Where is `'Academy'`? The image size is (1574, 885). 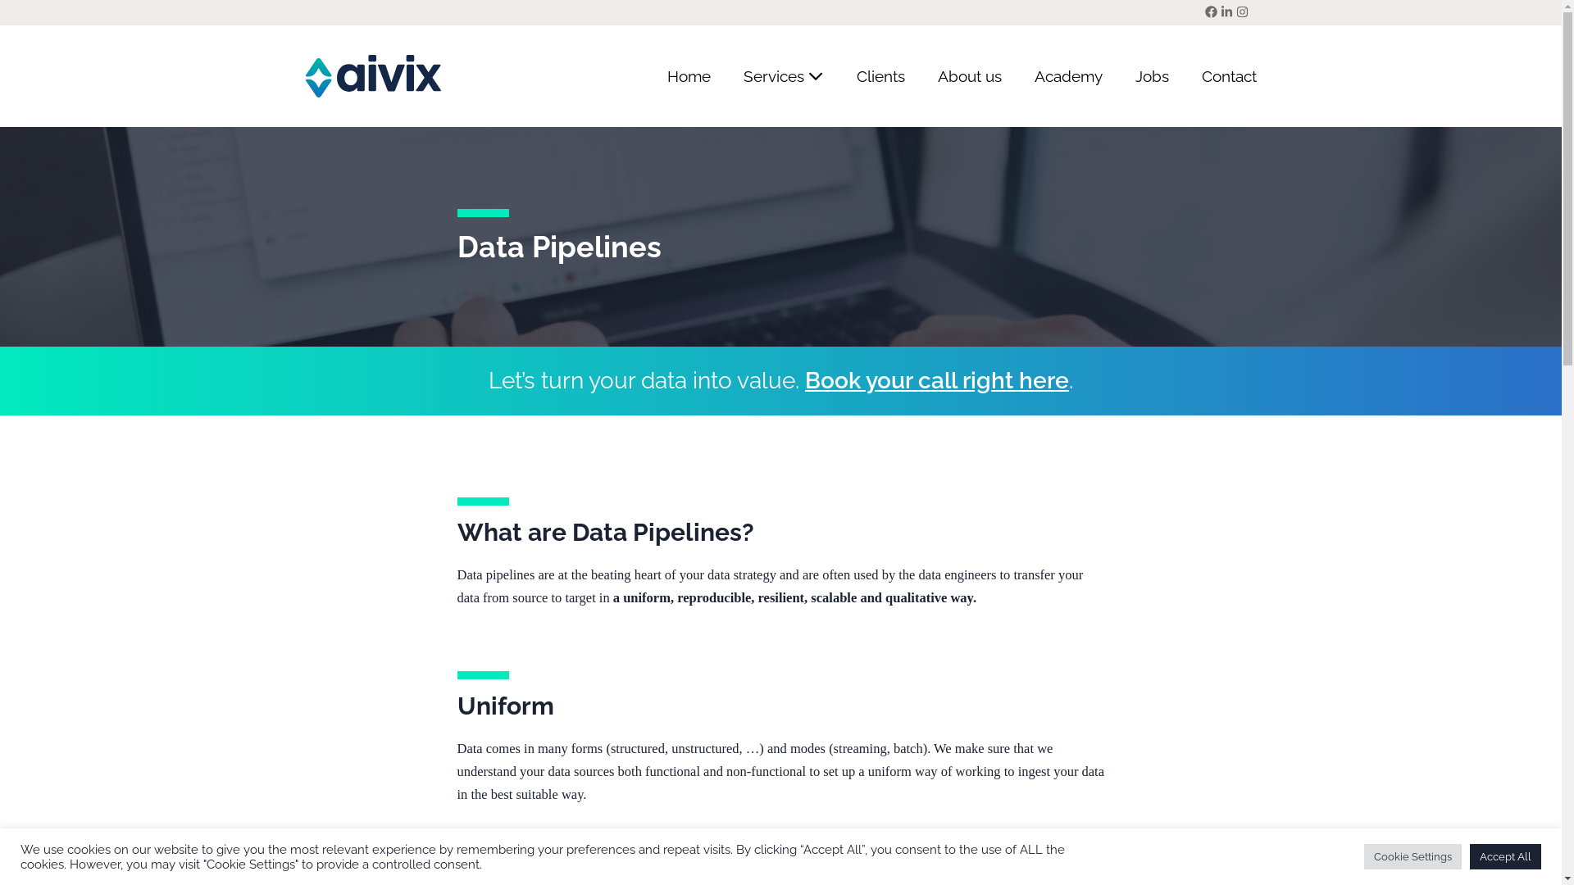
'Academy' is located at coordinates (1068, 75).